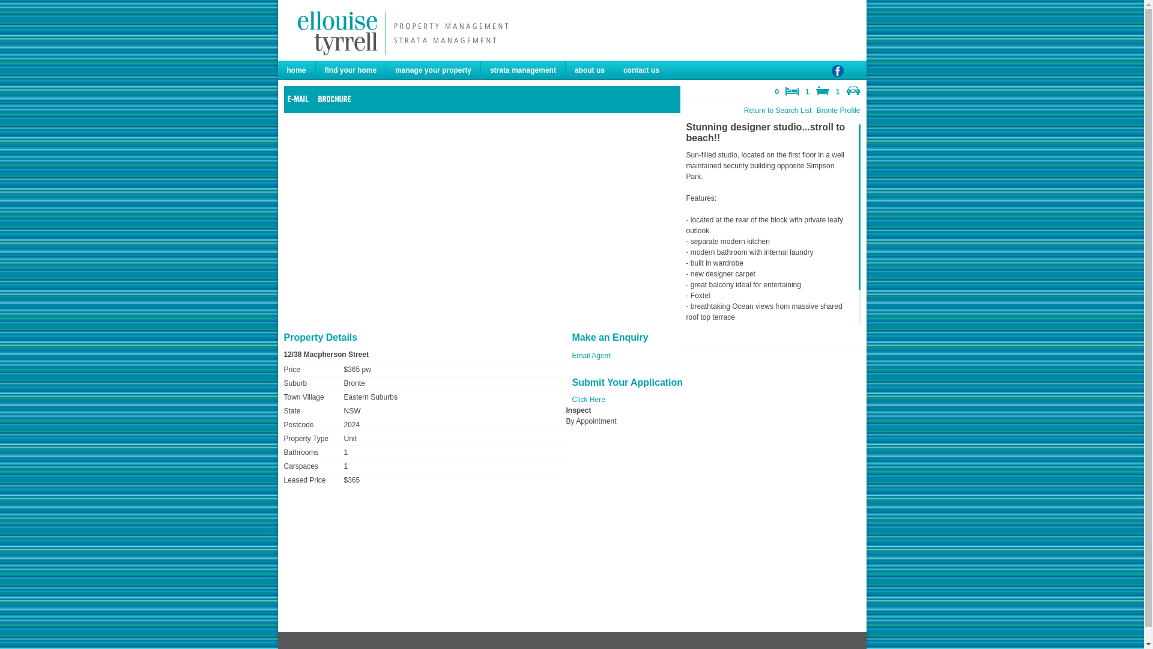  I want to click on 'manage your property', so click(432, 70).